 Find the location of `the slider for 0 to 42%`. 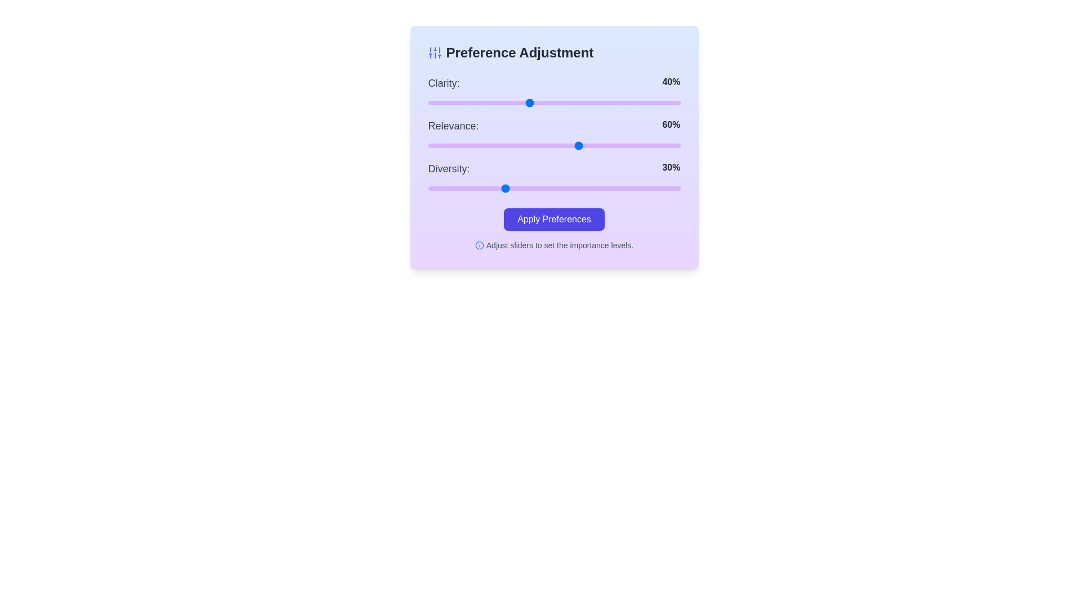

the slider for 0 to 42% is located at coordinates (533, 102).